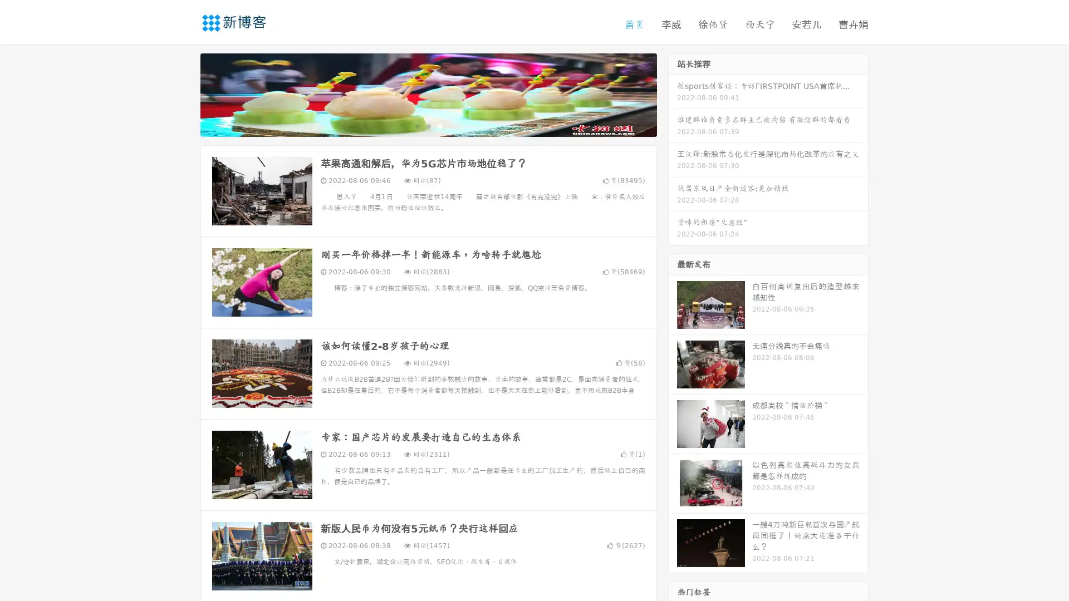 This screenshot has height=601, width=1069. What do you see at coordinates (673, 93) in the screenshot?
I see `Next slide` at bounding box center [673, 93].